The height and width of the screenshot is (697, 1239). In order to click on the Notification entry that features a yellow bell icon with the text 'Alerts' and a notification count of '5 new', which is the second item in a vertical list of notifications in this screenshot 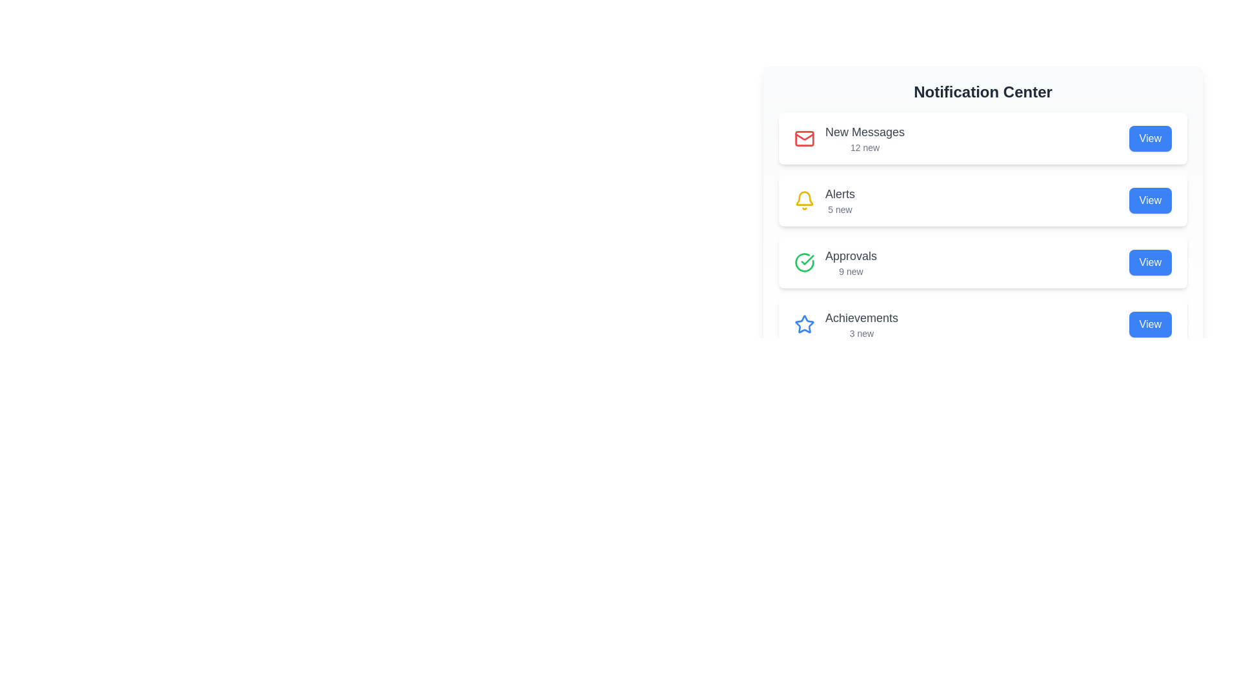, I will do `click(823, 201)`.